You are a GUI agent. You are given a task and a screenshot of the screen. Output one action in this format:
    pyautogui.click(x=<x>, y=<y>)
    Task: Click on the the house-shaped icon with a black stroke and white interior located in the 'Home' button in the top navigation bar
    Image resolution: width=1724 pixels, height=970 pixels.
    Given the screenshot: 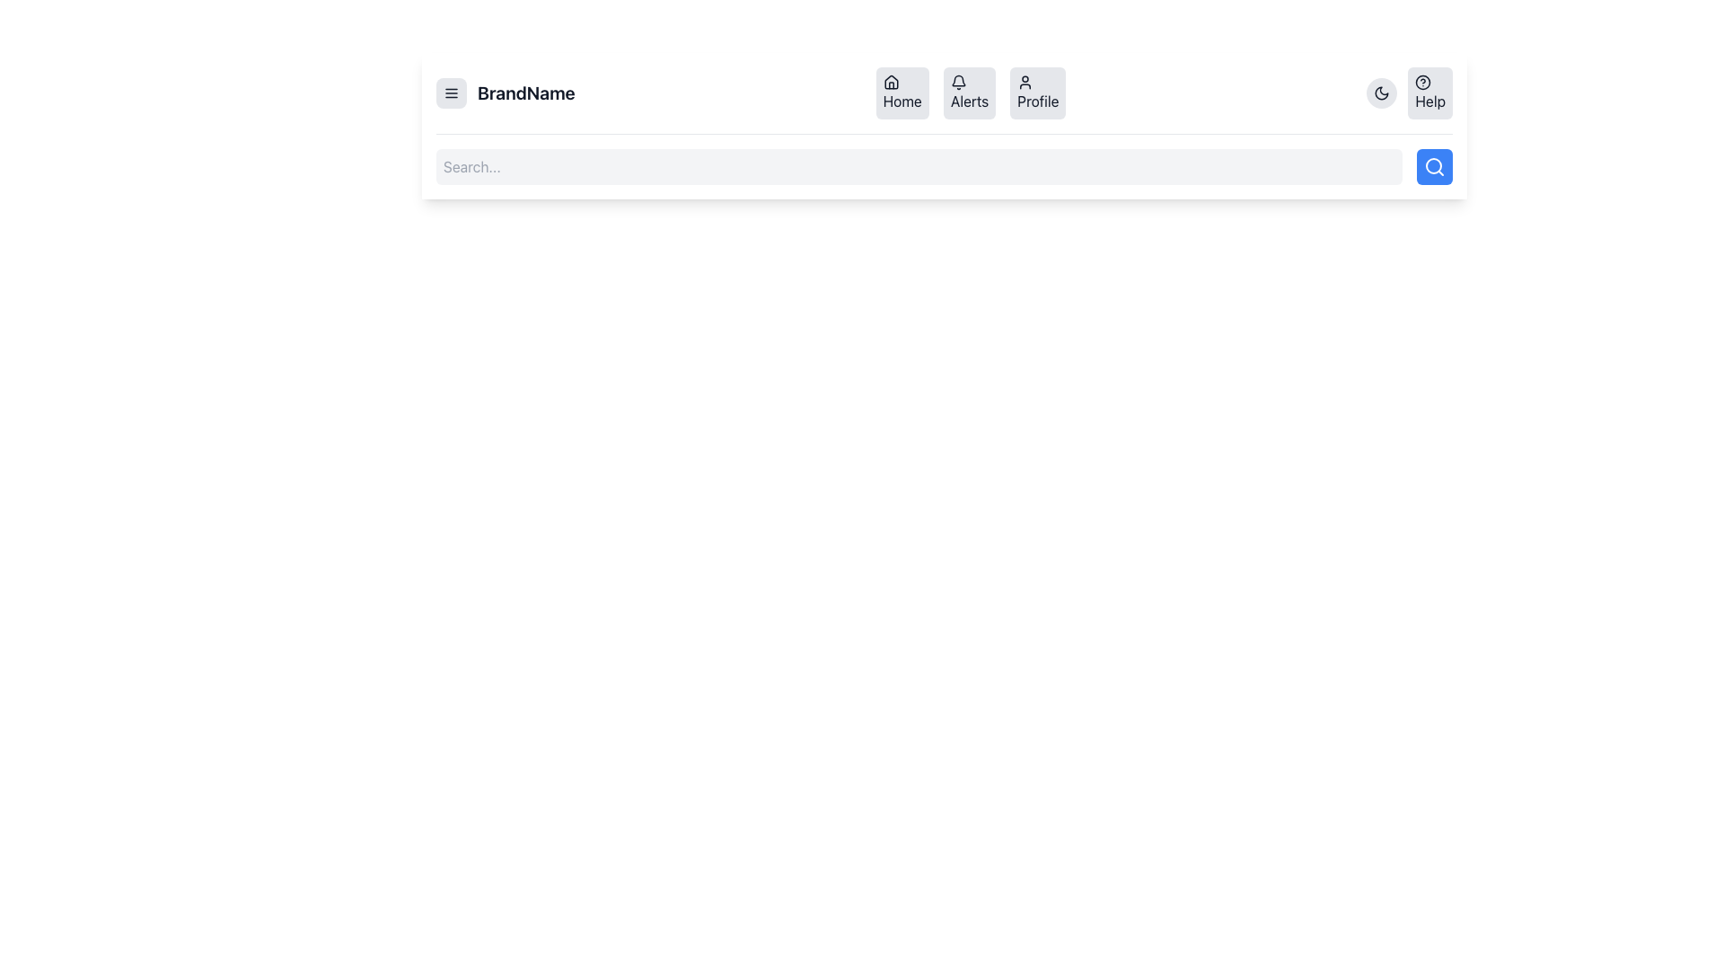 What is the action you would take?
    pyautogui.click(x=891, y=83)
    